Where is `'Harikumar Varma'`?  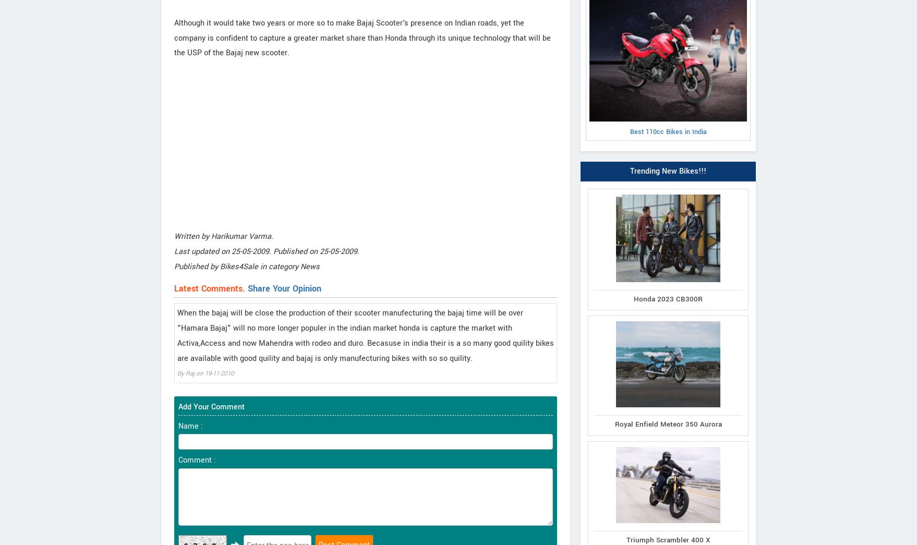 'Harikumar Varma' is located at coordinates (240, 236).